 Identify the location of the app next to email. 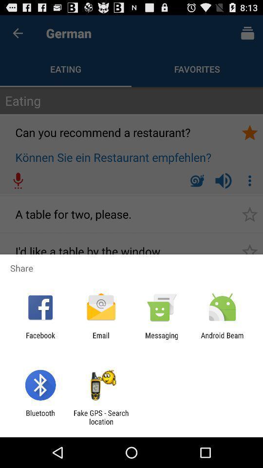
(40, 339).